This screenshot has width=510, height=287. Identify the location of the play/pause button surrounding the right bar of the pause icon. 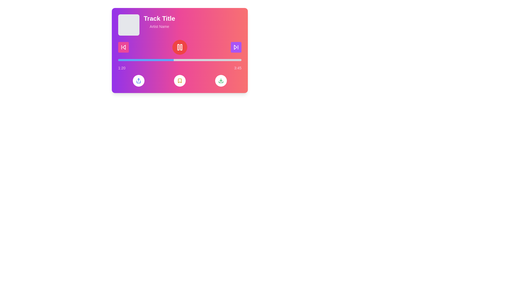
(181, 47).